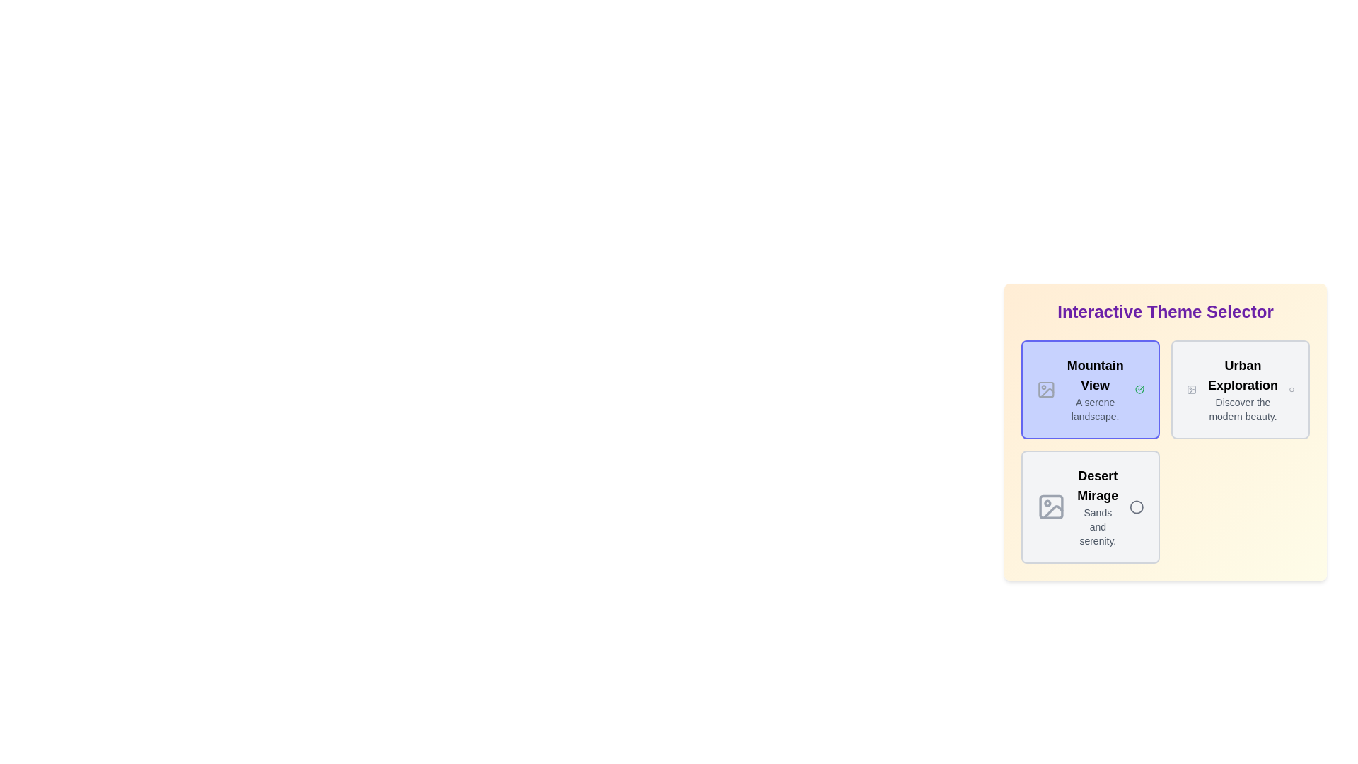 The height and width of the screenshot is (764, 1358). I want to click on the chip labeled Urban Exploration, so click(1239, 390).